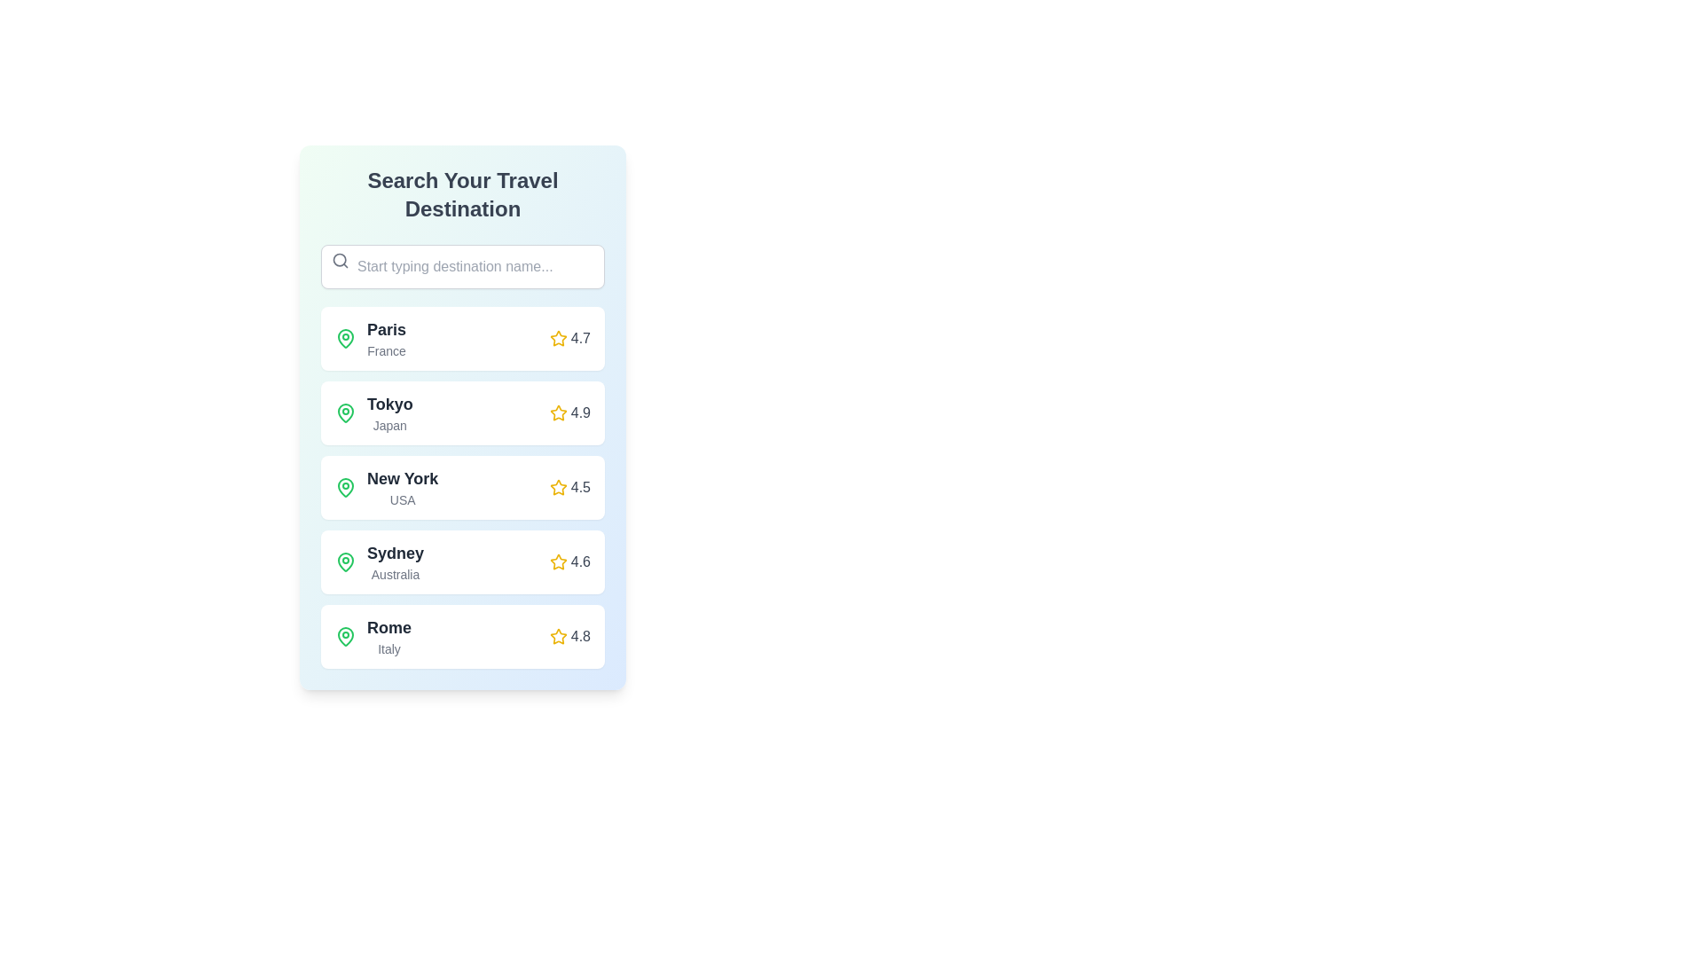  I want to click on the New York travel destination card, which is the third item in a vertically stacked list of cards, located between the Tokyo and Sydney cards, so click(463, 488).